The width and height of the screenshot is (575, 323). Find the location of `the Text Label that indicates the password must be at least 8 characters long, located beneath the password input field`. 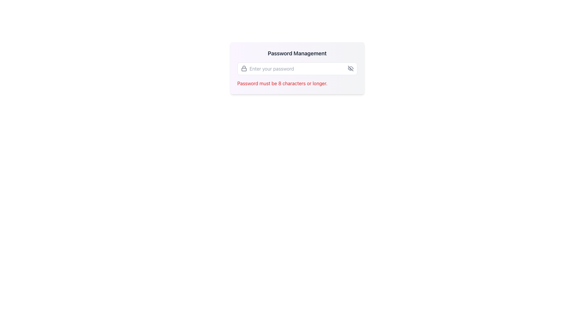

the Text Label that indicates the password must be at least 8 characters long, located beneath the password input field is located at coordinates (282, 83).